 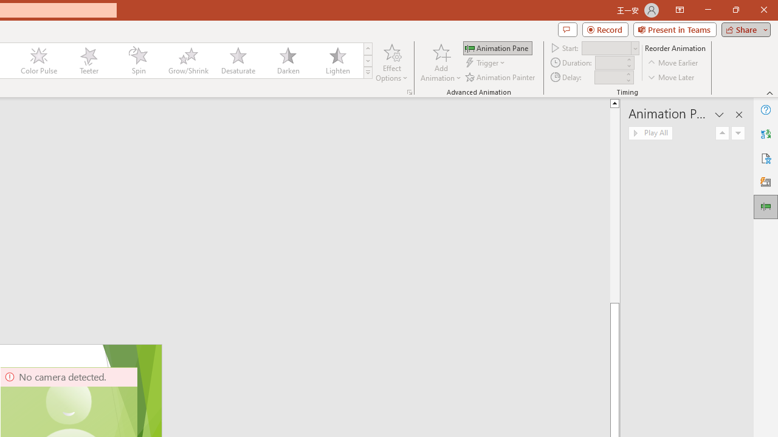 I want to click on 'Animation Pane', so click(x=497, y=47).